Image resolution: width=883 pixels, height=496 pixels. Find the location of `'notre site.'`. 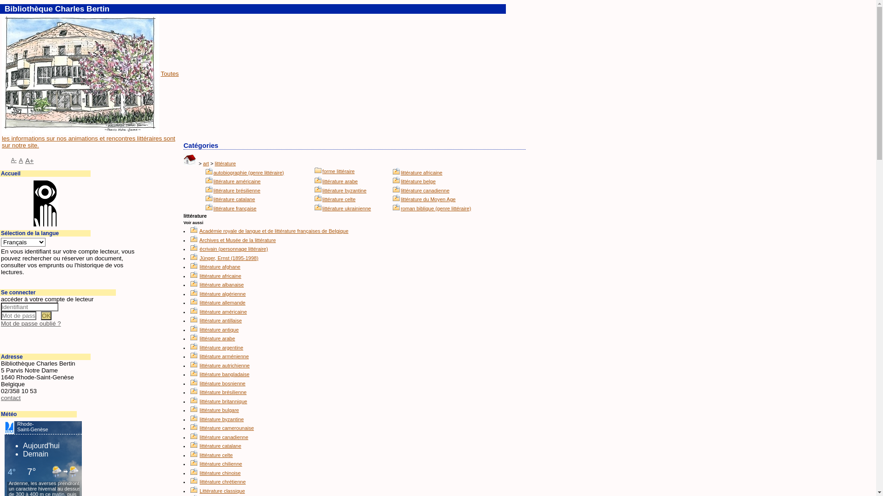

'notre site.' is located at coordinates (25, 145).